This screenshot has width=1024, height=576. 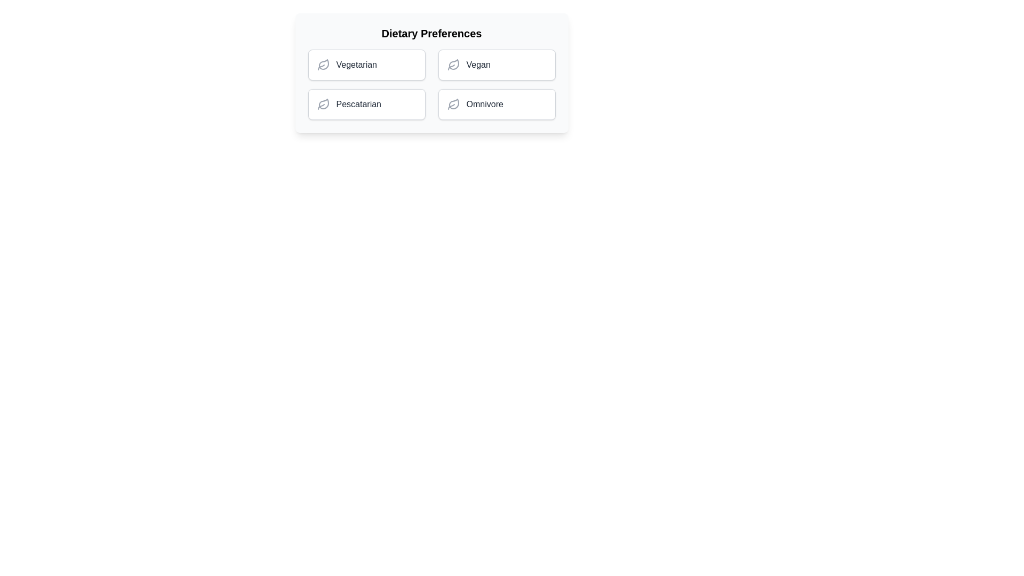 What do you see at coordinates (366, 105) in the screenshot?
I see `the 'Pescatarian' button, which is a rectangular button with a white background, gray borders, rounded corners, and a leaf icon on the left` at bounding box center [366, 105].